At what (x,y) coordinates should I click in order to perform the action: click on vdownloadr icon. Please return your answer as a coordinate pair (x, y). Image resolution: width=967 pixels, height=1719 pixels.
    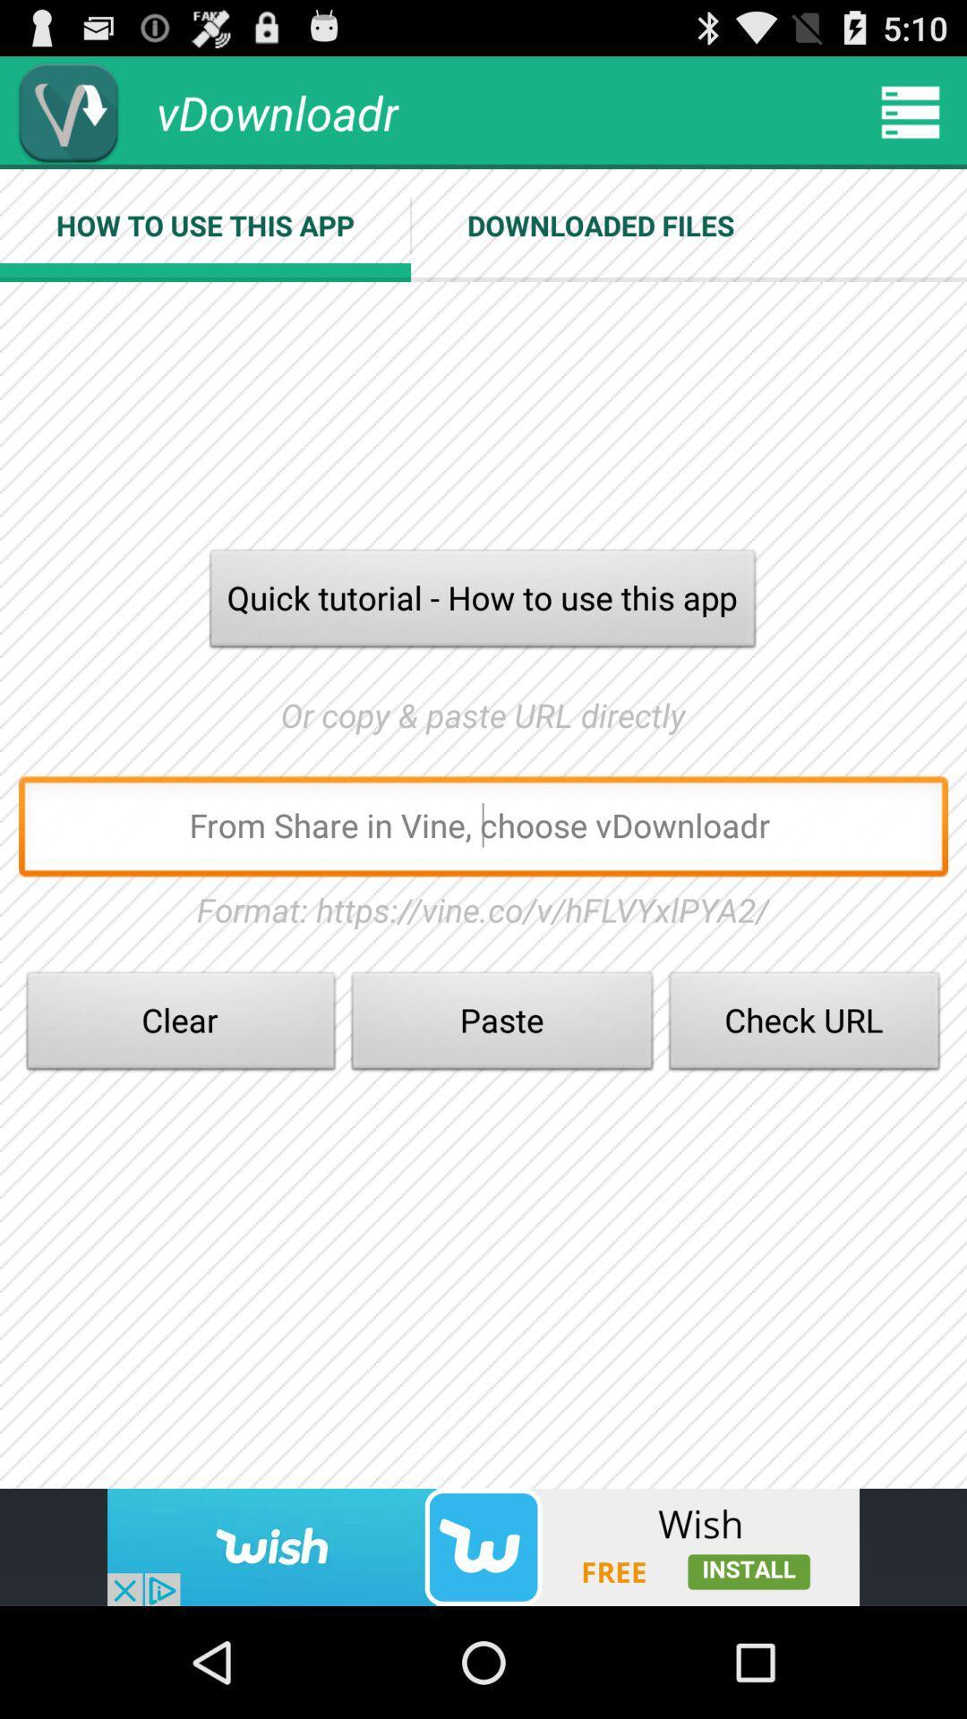
    Looking at the image, I should click on (67, 111).